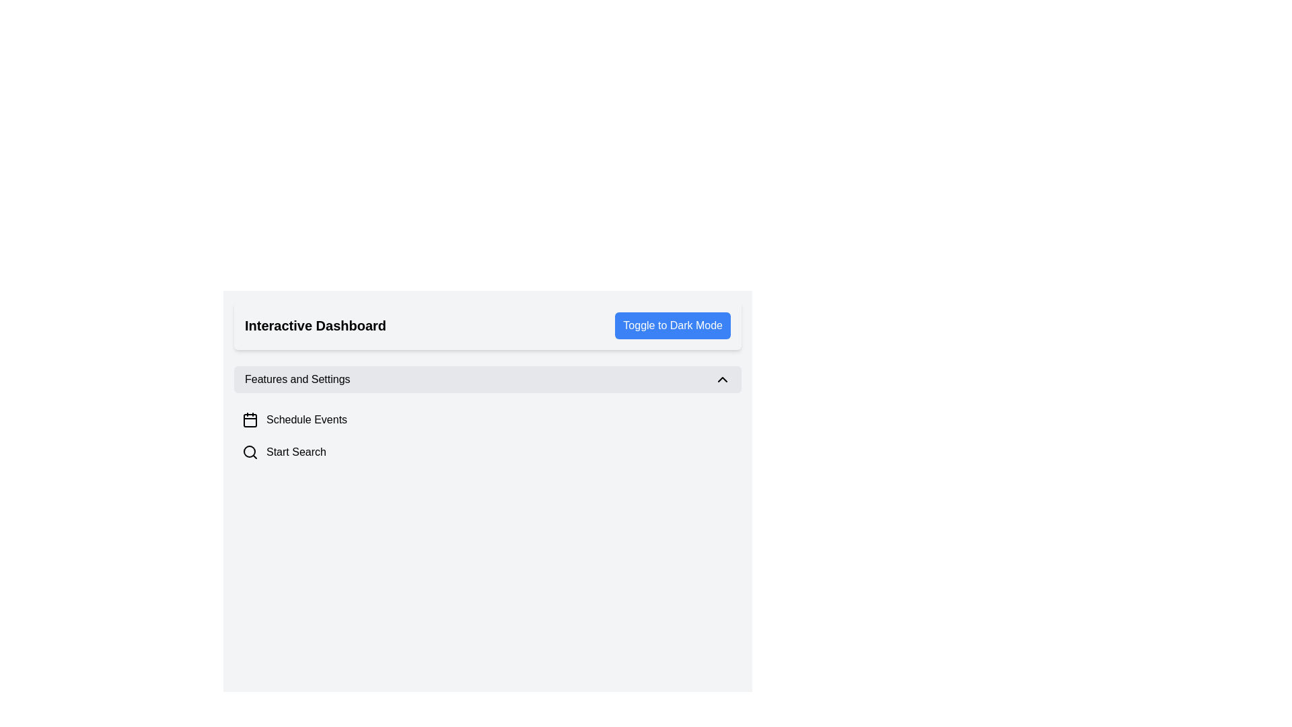 This screenshot has height=727, width=1292. What do you see at coordinates (250, 419) in the screenshot?
I see `the SVG-based icon that serves as a button for accessing the 'Schedule Events' section` at bounding box center [250, 419].